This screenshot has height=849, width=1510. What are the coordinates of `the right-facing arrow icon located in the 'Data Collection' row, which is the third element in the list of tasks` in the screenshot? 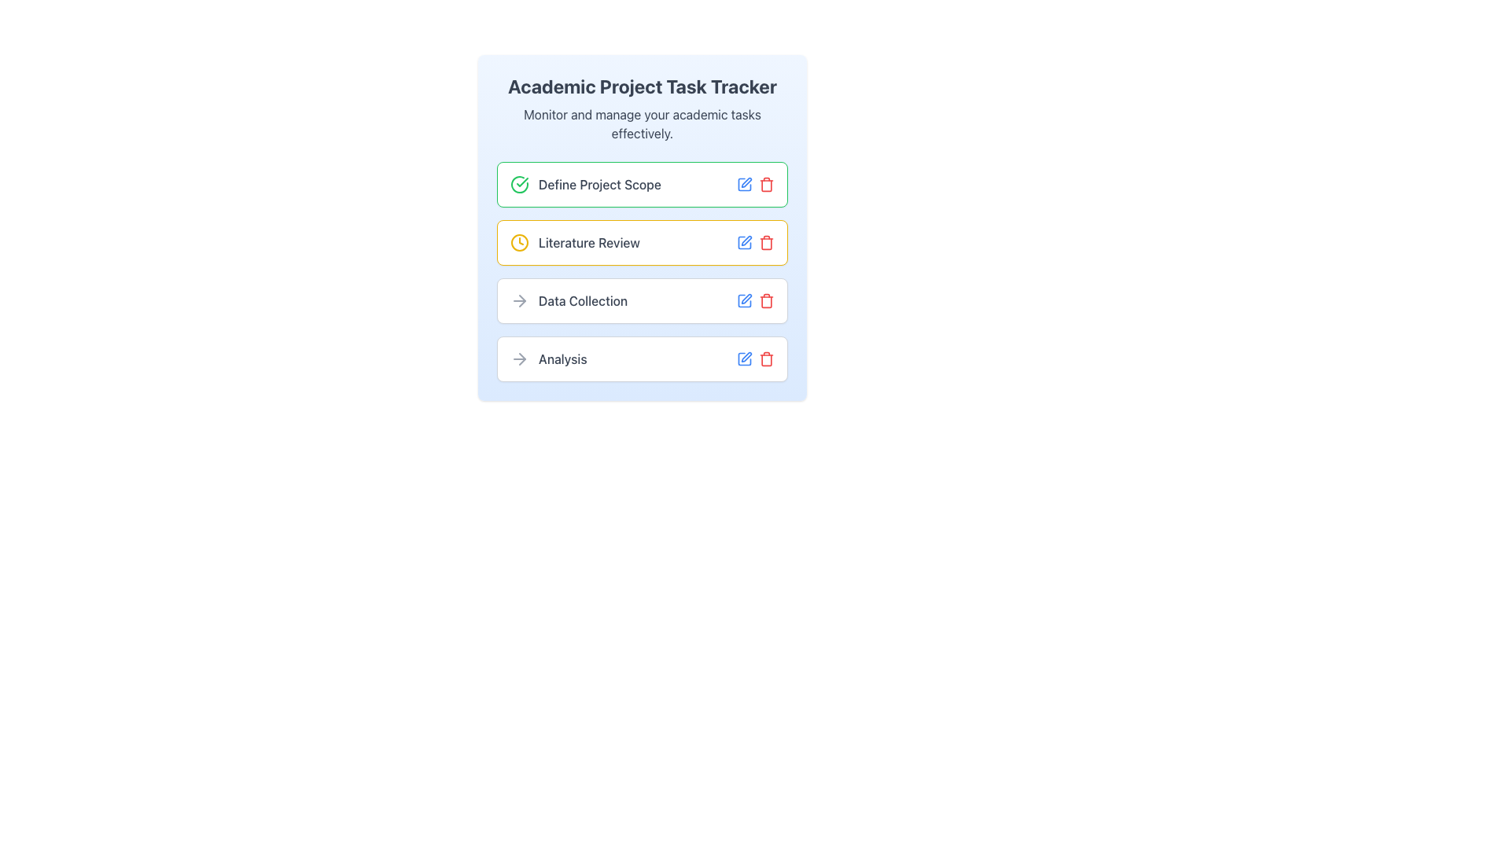 It's located at (522, 358).